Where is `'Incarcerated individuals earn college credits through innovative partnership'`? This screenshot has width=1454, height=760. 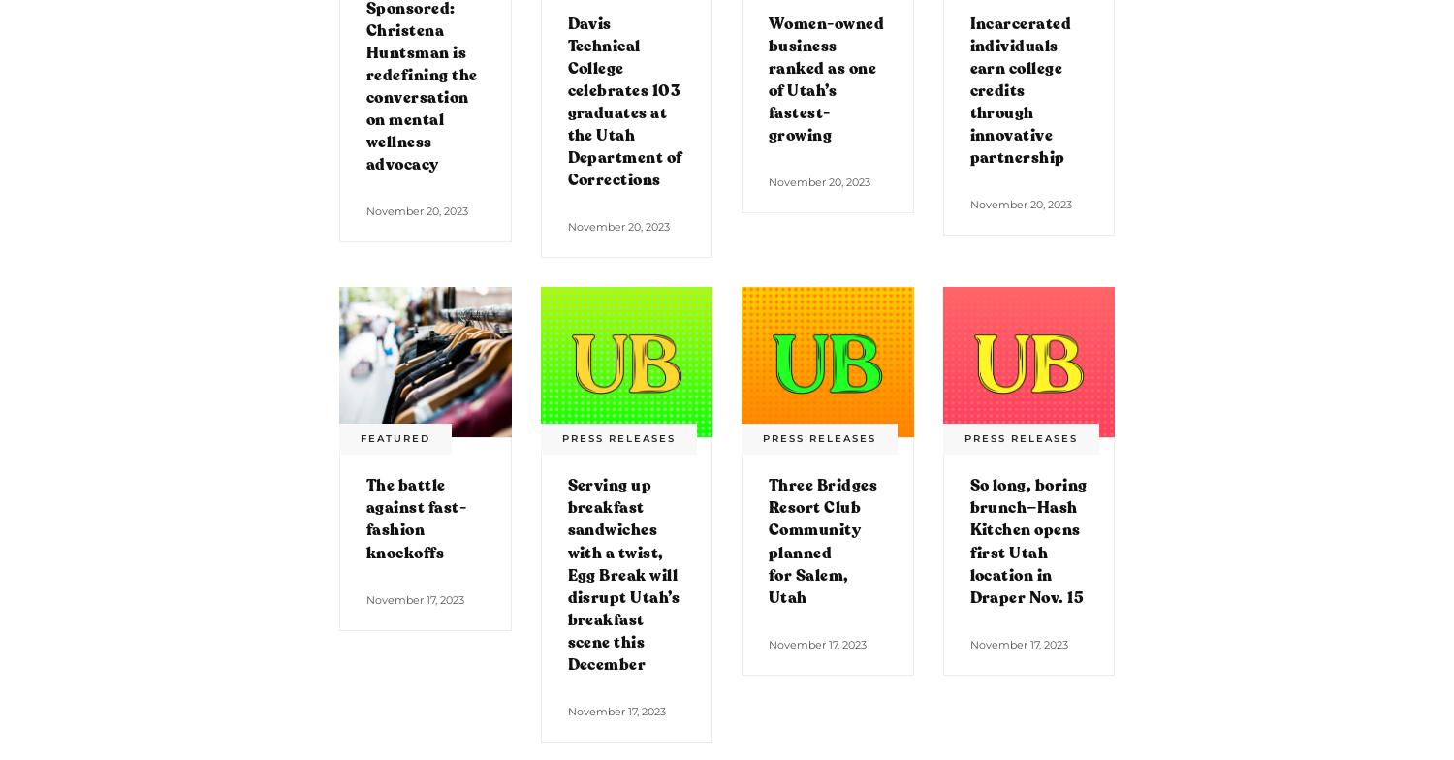
'Incarcerated individuals earn college credits through innovative partnership' is located at coordinates (1020, 90).